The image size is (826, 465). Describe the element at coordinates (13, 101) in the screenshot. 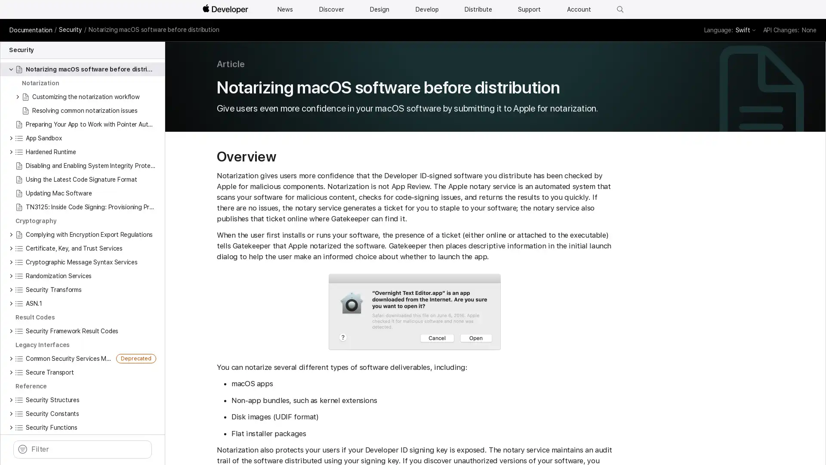

I see `Customizing the notarization workflow` at that location.